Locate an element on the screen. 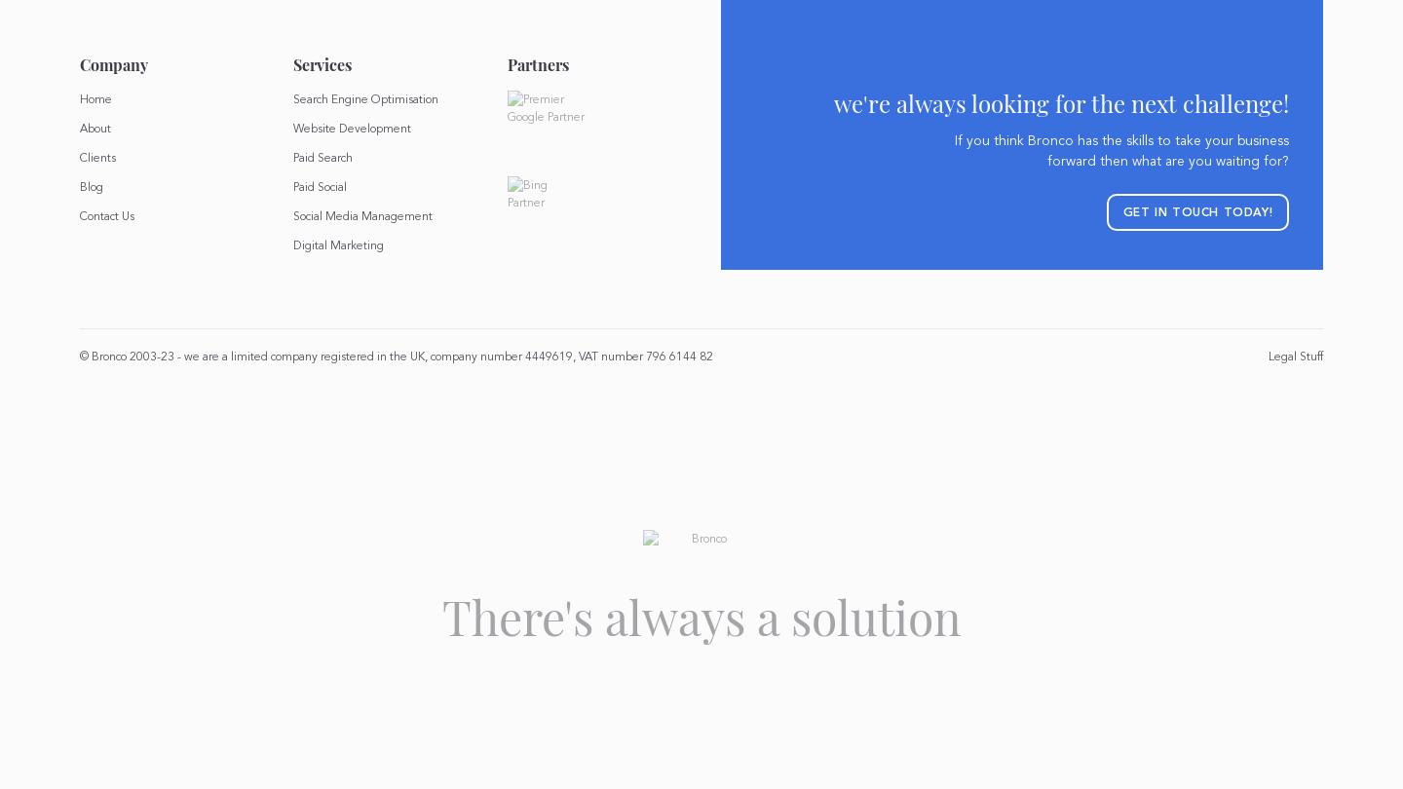  'Legal Stuff' is located at coordinates (1294, 356).